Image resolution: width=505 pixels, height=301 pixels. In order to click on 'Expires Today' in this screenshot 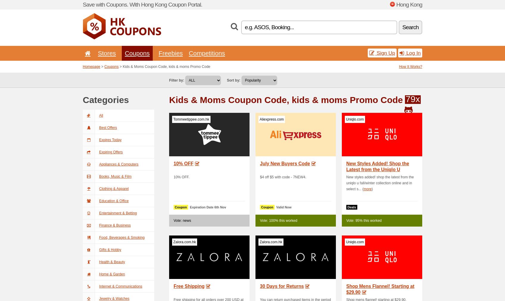, I will do `click(99, 140)`.